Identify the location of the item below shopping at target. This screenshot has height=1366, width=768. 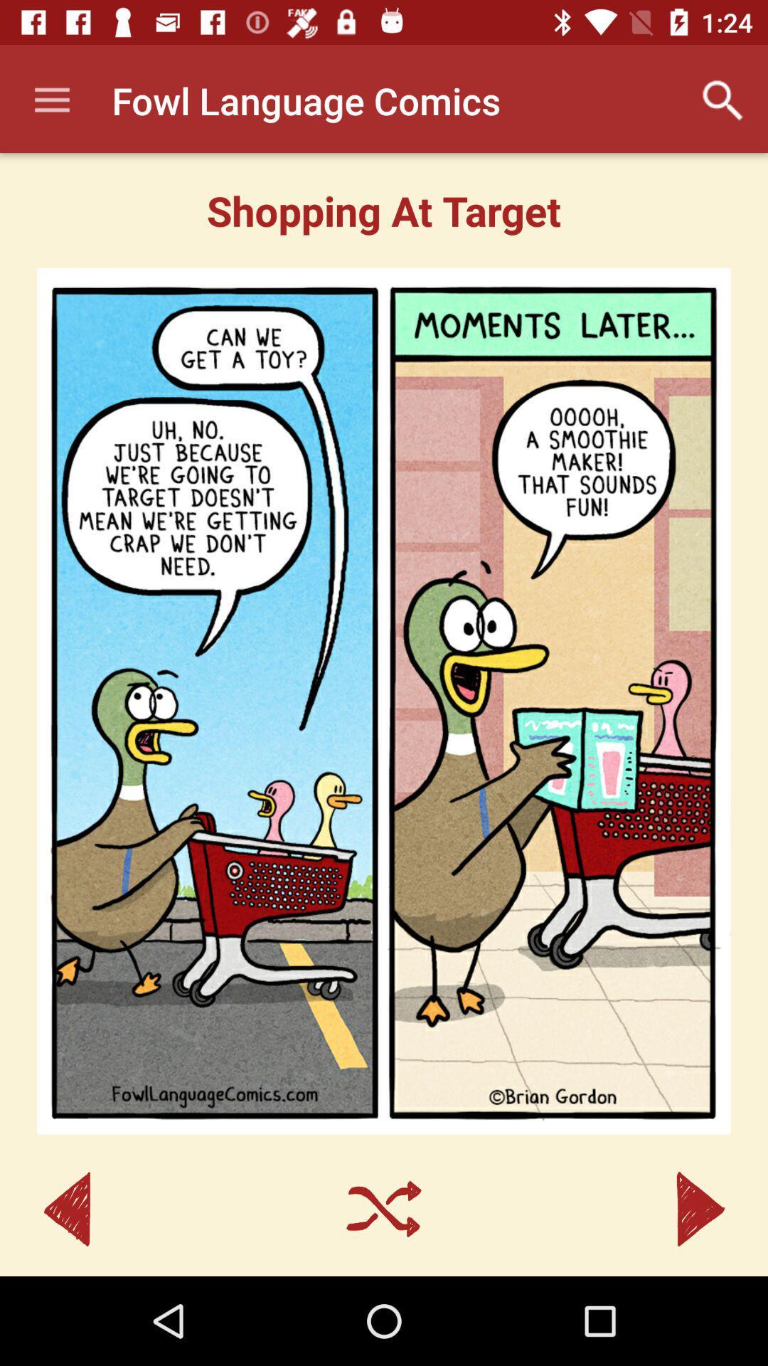
(384, 701).